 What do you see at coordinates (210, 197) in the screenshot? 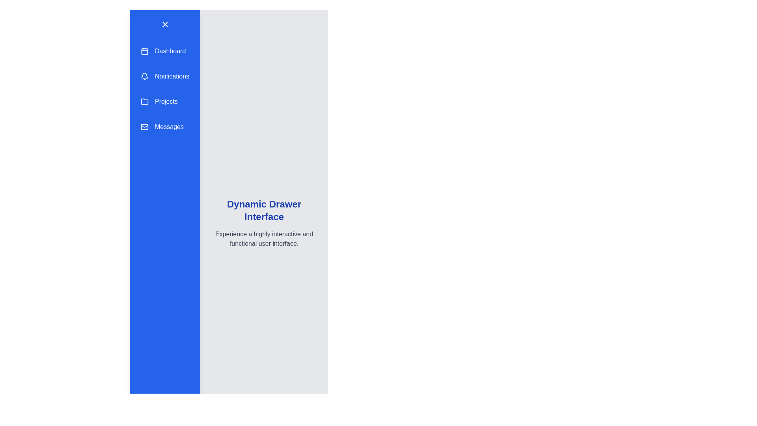
I see `the text 'Dynamic Drawer Interface' by dragging the mouse cursor over it` at bounding box center [210, 197].